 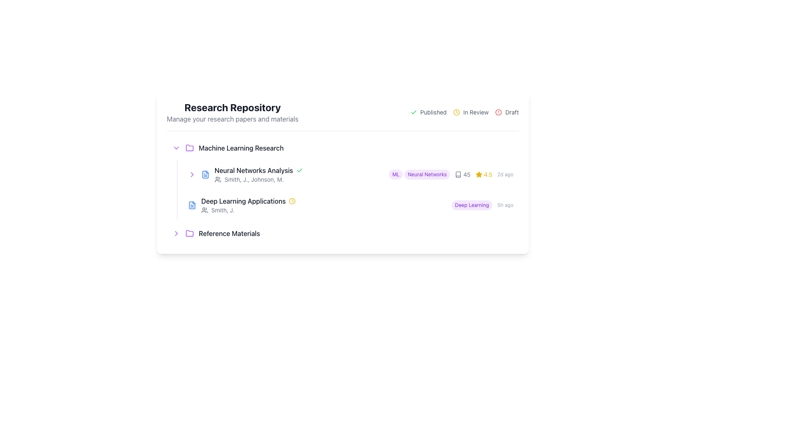 I want to click on the green checkmark icon located to the right of the text 'Neural Networks Analysis' within the 'Machine Learning Research' section, so click(x=299, y=170).